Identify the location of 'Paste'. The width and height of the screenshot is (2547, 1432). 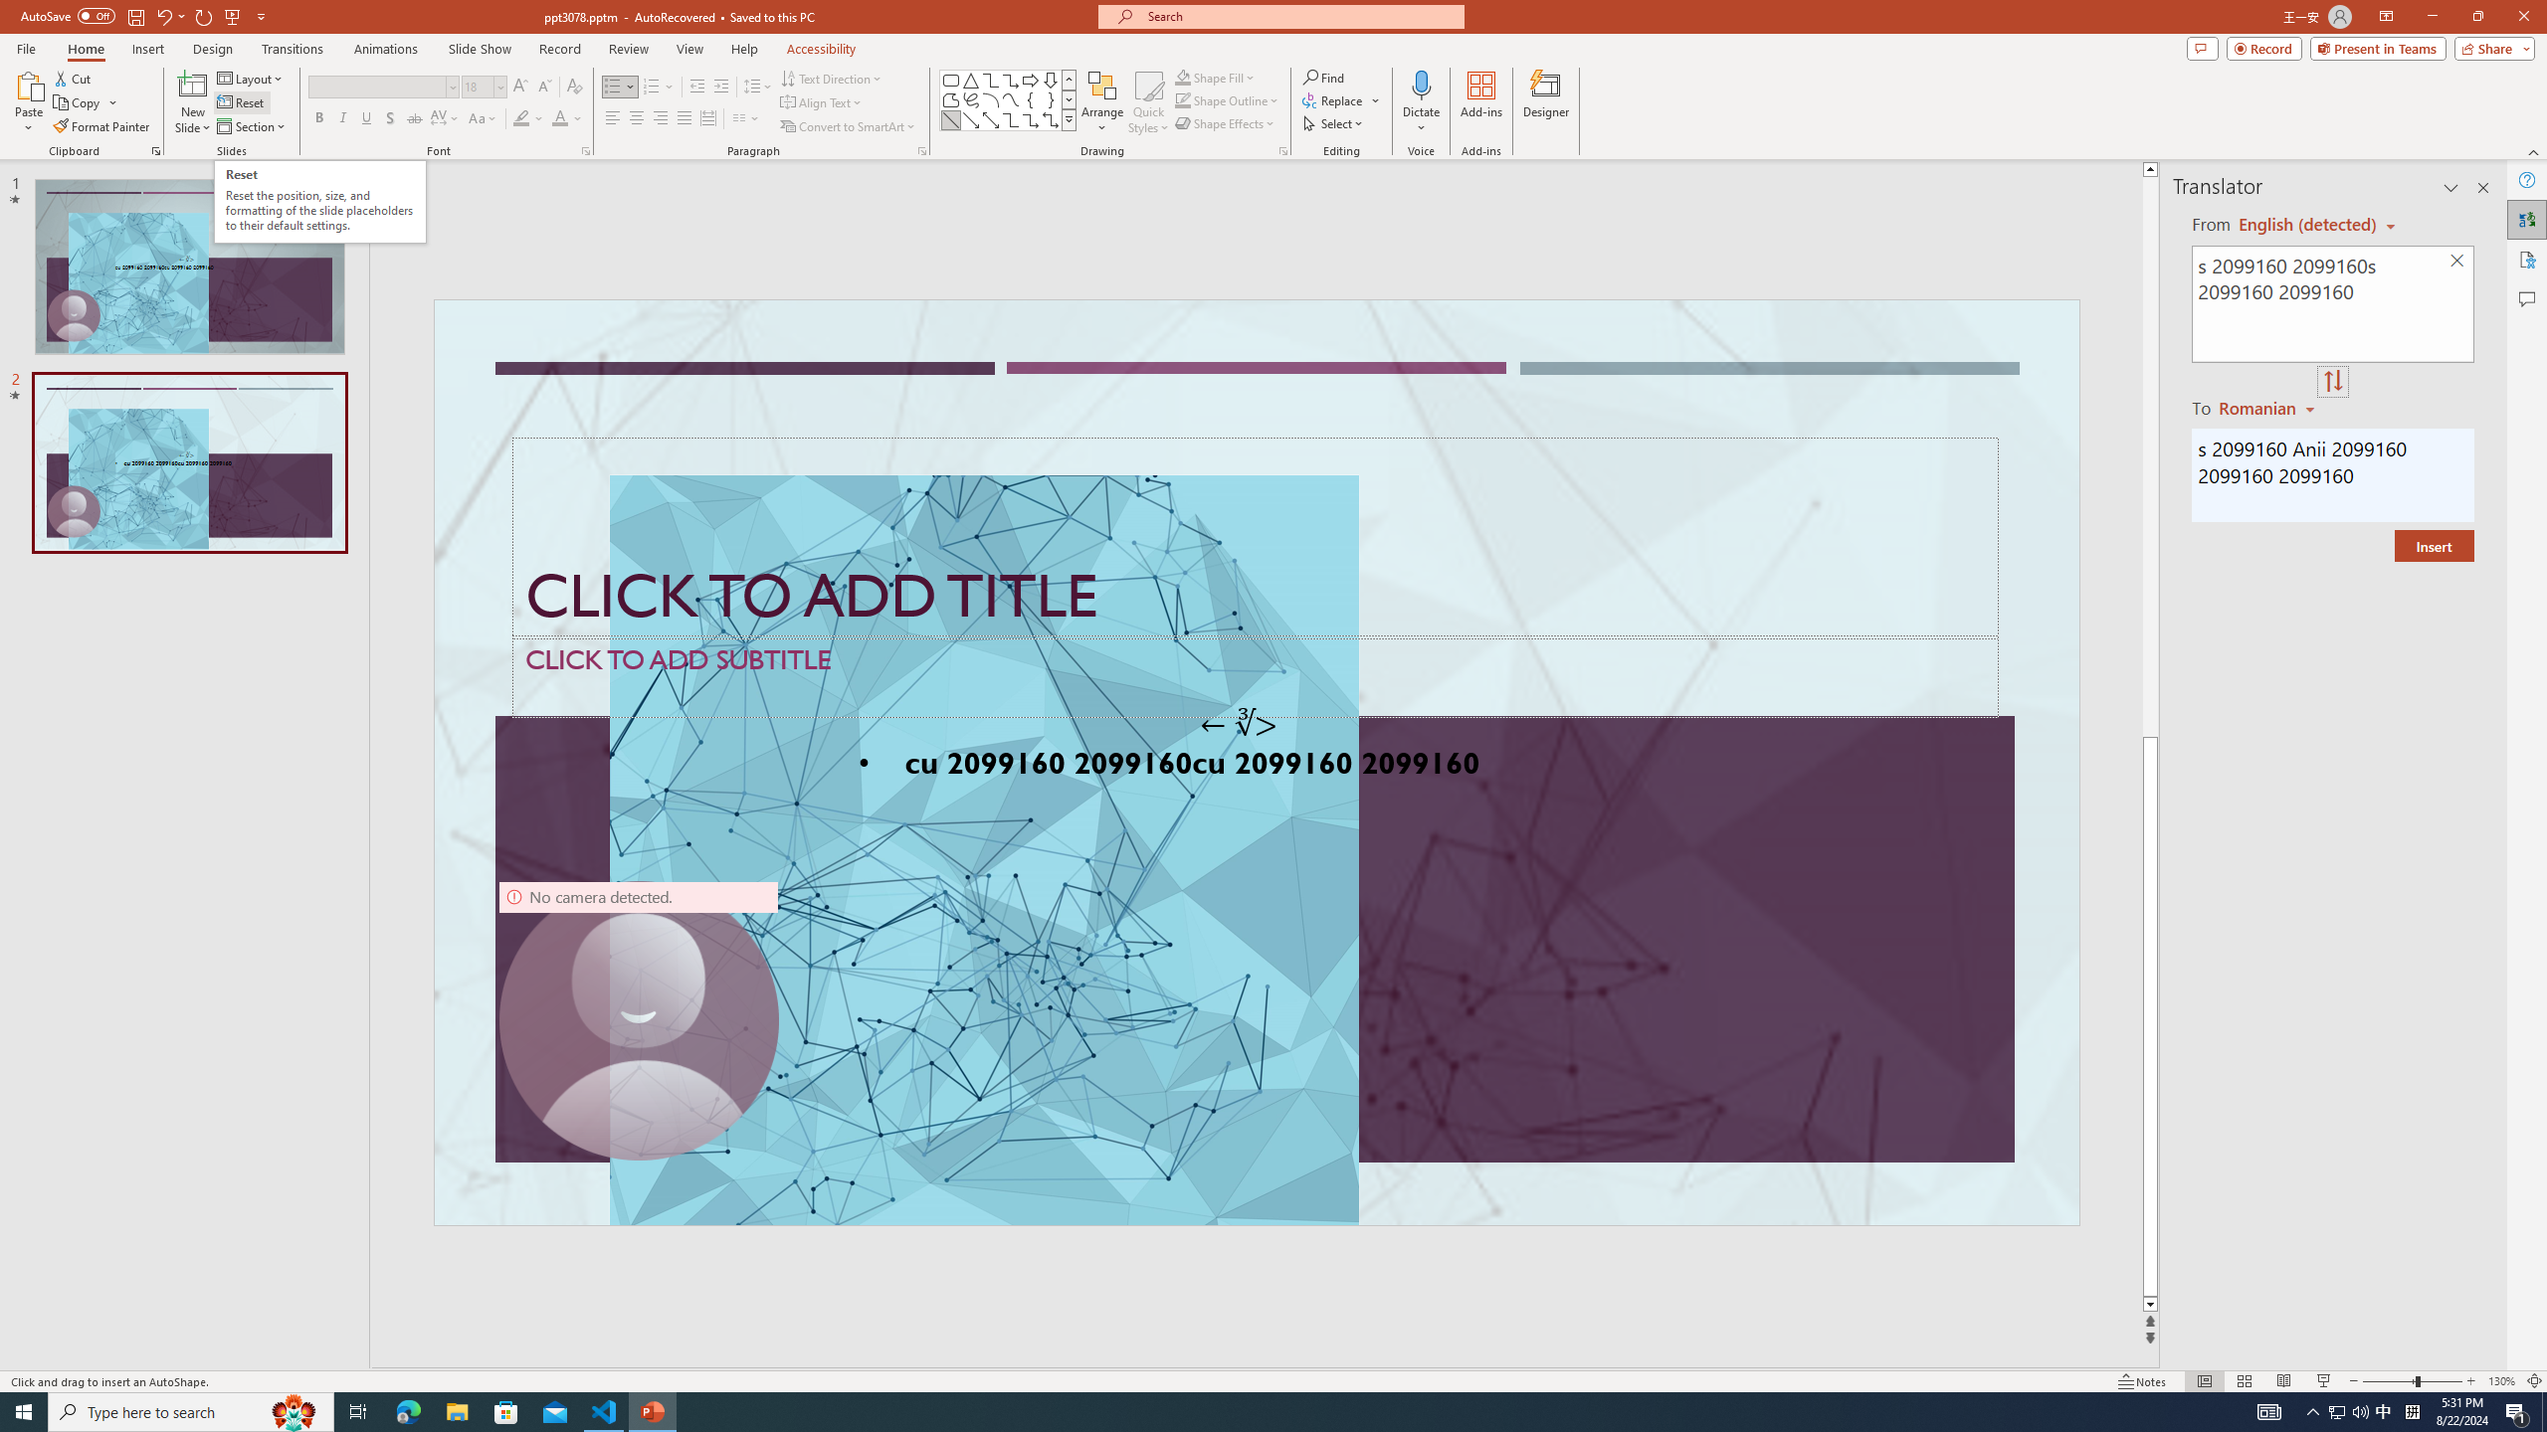
(28, 102).